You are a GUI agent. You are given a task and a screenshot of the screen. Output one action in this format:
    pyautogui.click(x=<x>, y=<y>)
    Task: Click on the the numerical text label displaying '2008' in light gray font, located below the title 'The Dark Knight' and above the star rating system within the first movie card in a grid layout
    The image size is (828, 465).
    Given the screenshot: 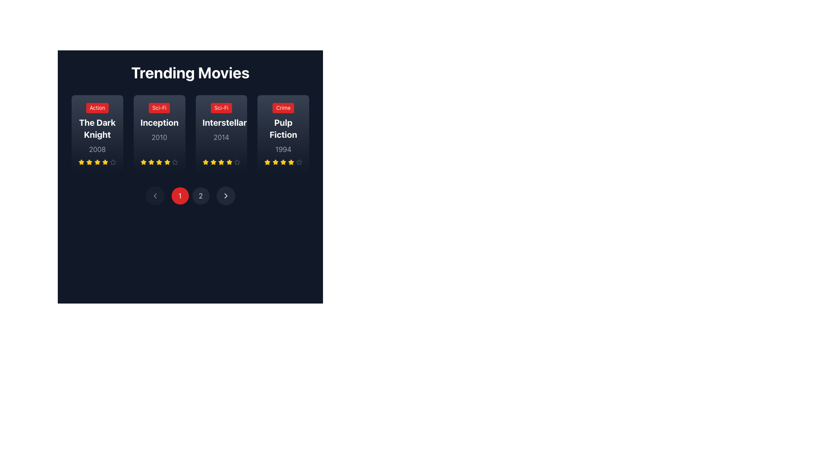 What is the action you would take?
    pyautogui.click(x=97, y=149)
    